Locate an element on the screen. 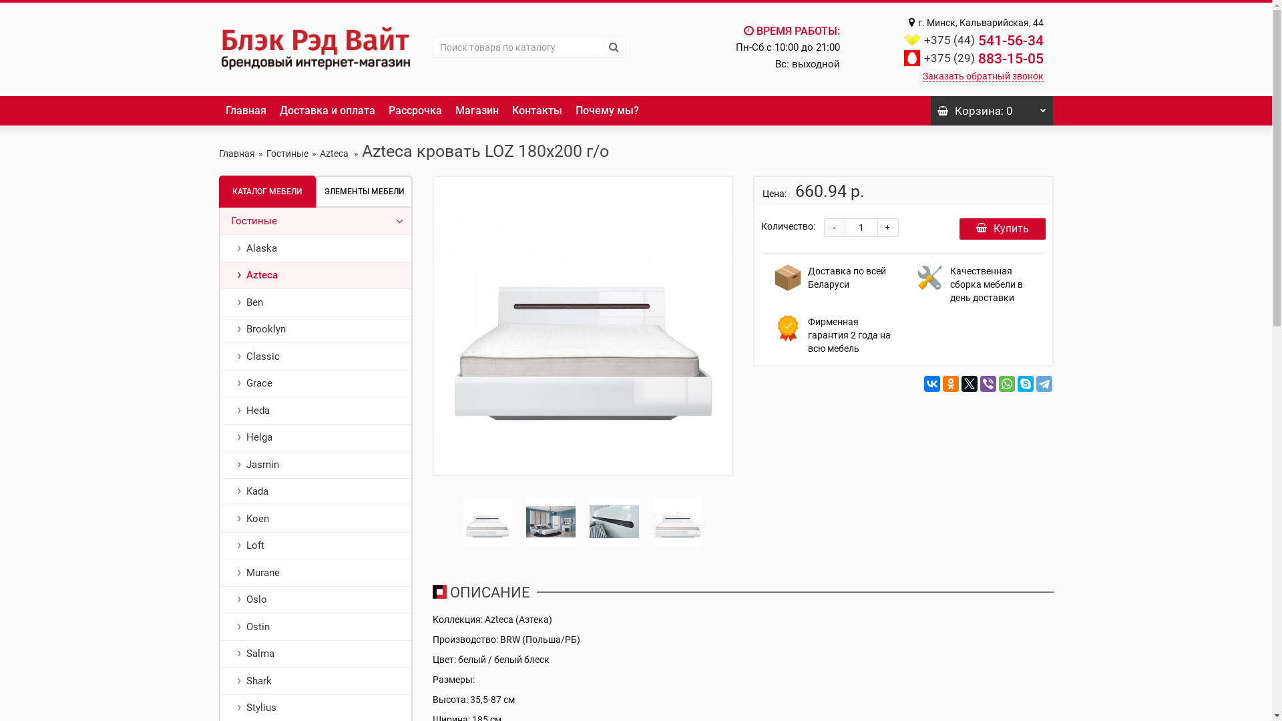 The height and width of the screenshot is (721, 1282). 'Ben' is located at coordinates (315, 302).